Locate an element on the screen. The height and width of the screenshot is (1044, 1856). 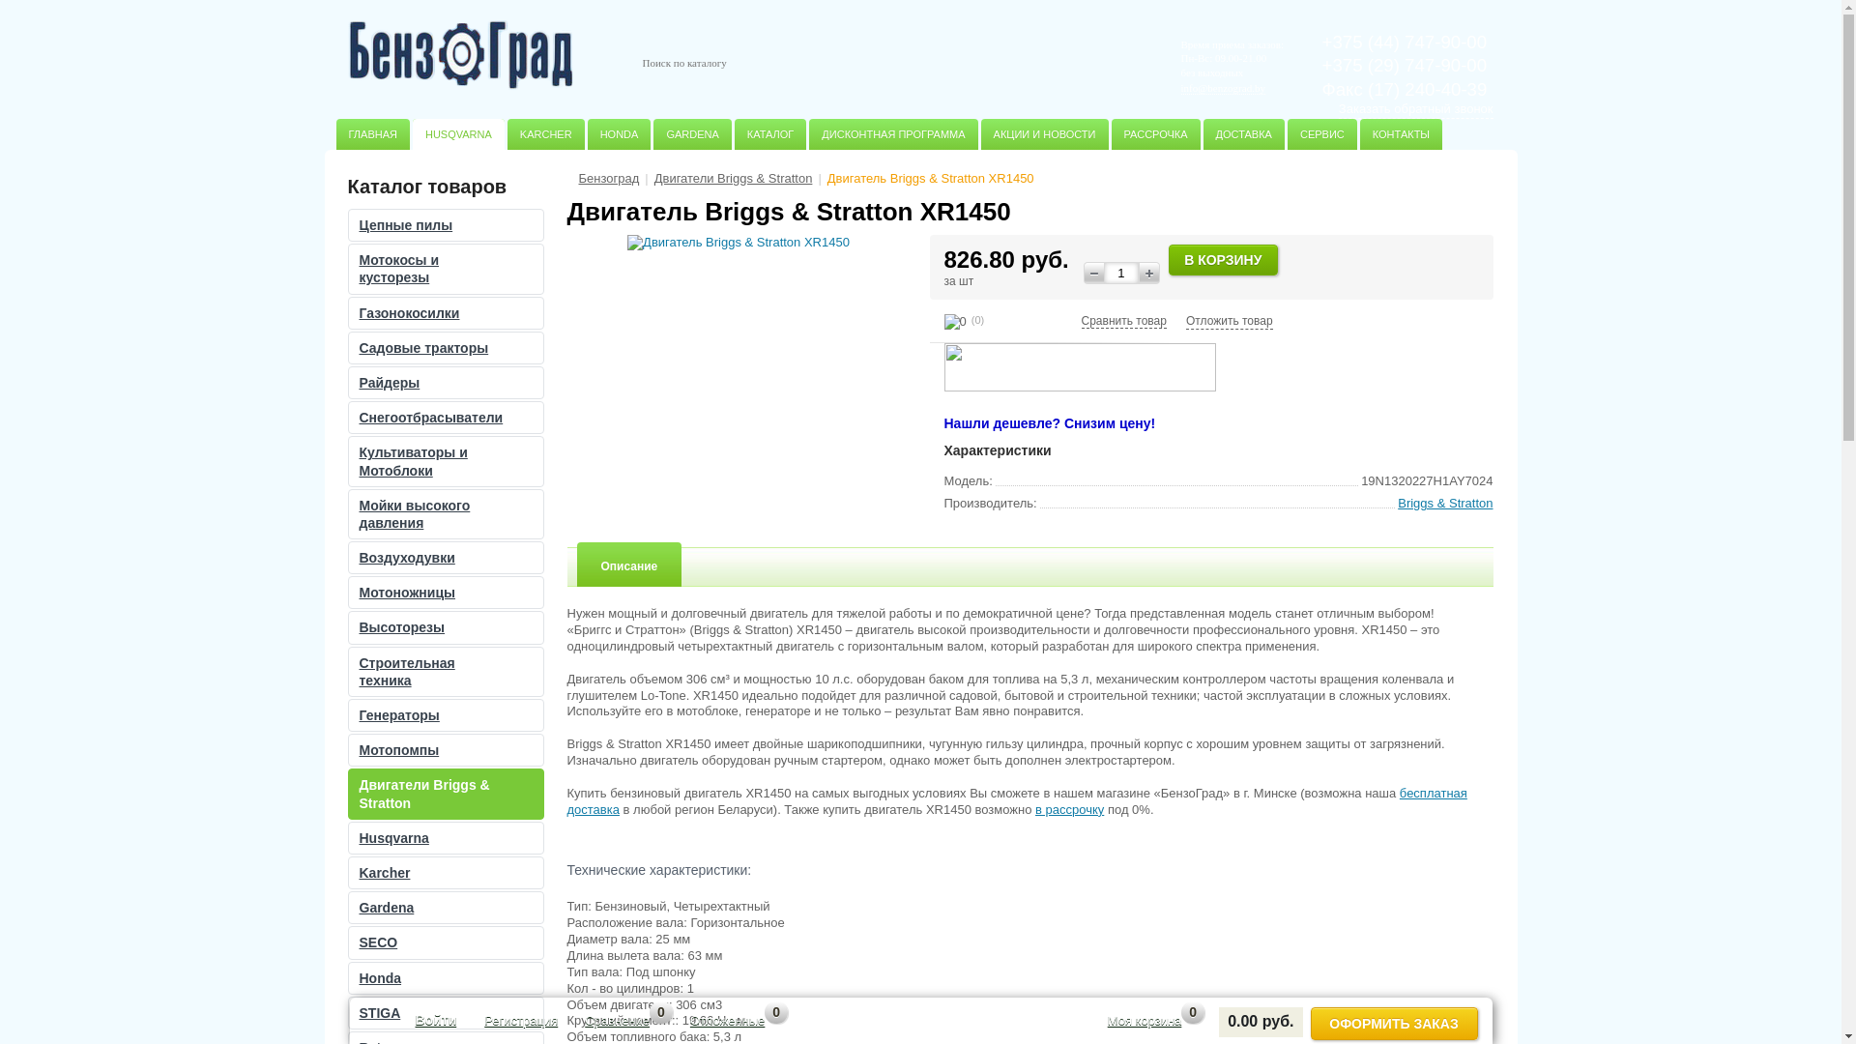
'Honda' is located at coordinates (444, 977).